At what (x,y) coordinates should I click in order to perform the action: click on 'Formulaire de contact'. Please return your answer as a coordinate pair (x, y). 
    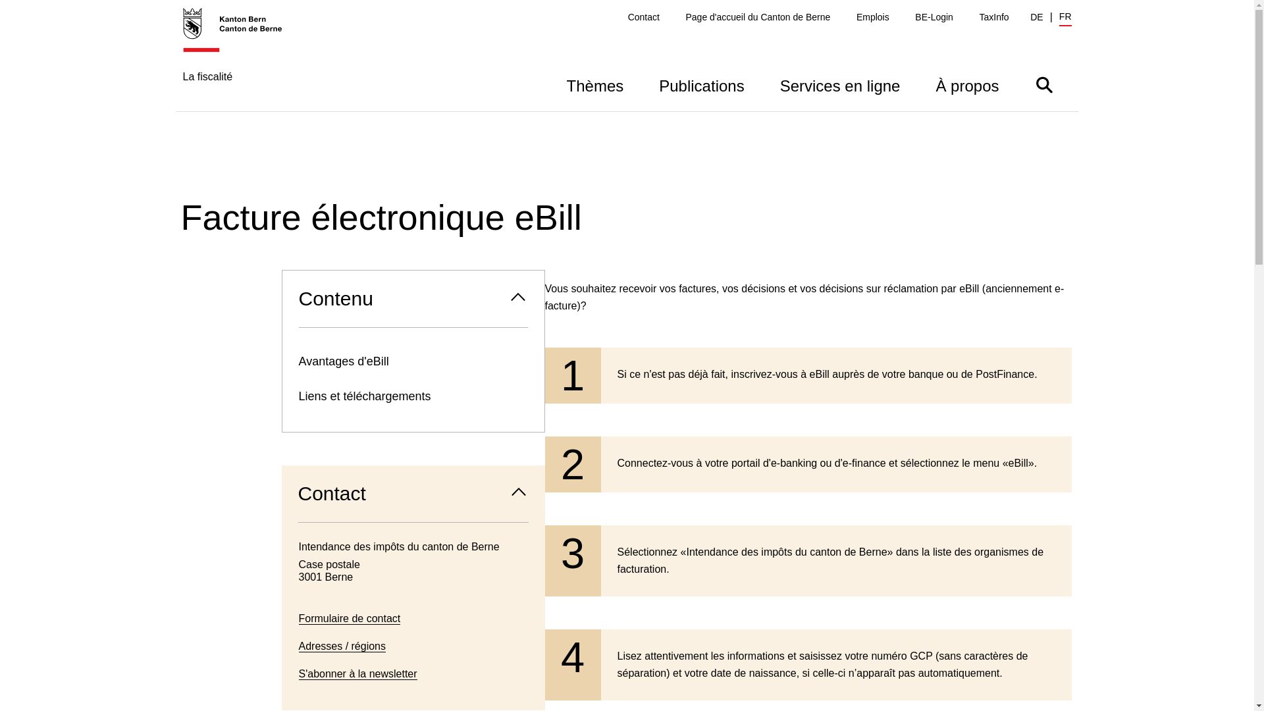
    Looking at the image, I should click on (350, 619).